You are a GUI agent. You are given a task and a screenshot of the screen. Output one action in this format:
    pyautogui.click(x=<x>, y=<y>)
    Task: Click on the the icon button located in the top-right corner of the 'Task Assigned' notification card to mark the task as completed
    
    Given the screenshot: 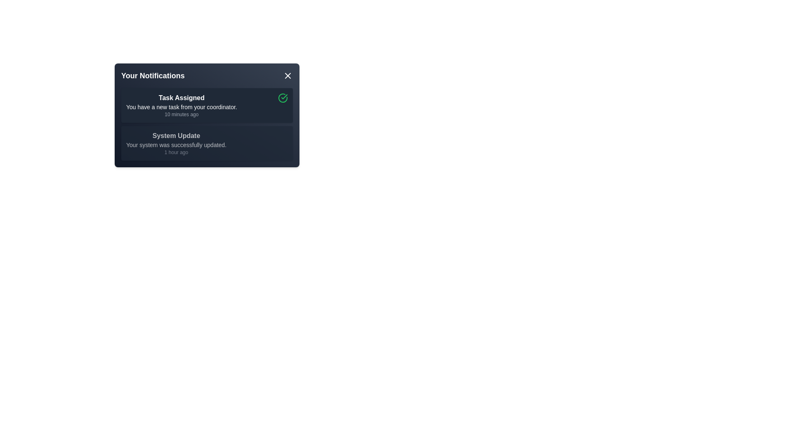 What is the action you would take?
    pyautogui.click(x=283, y=98)
    